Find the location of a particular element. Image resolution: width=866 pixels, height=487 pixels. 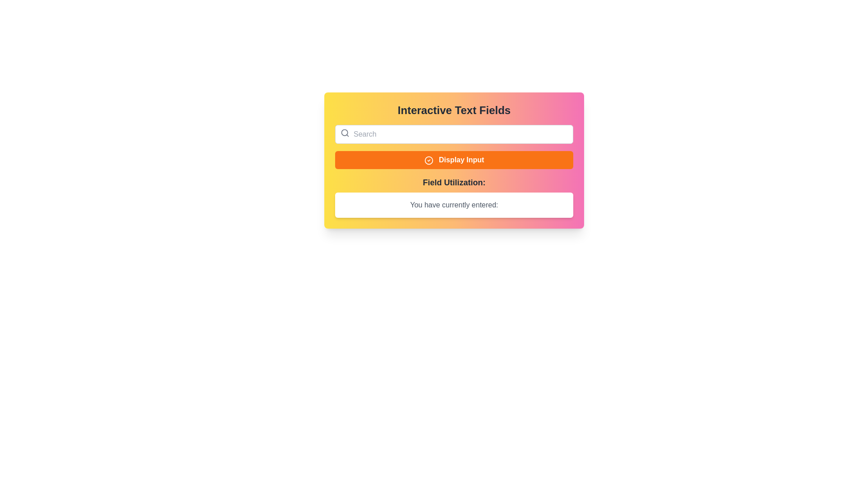

the circular graphical icon component within the magnifying glass icon, which is located to the left of the search input field is located at coordinates (344, 133).